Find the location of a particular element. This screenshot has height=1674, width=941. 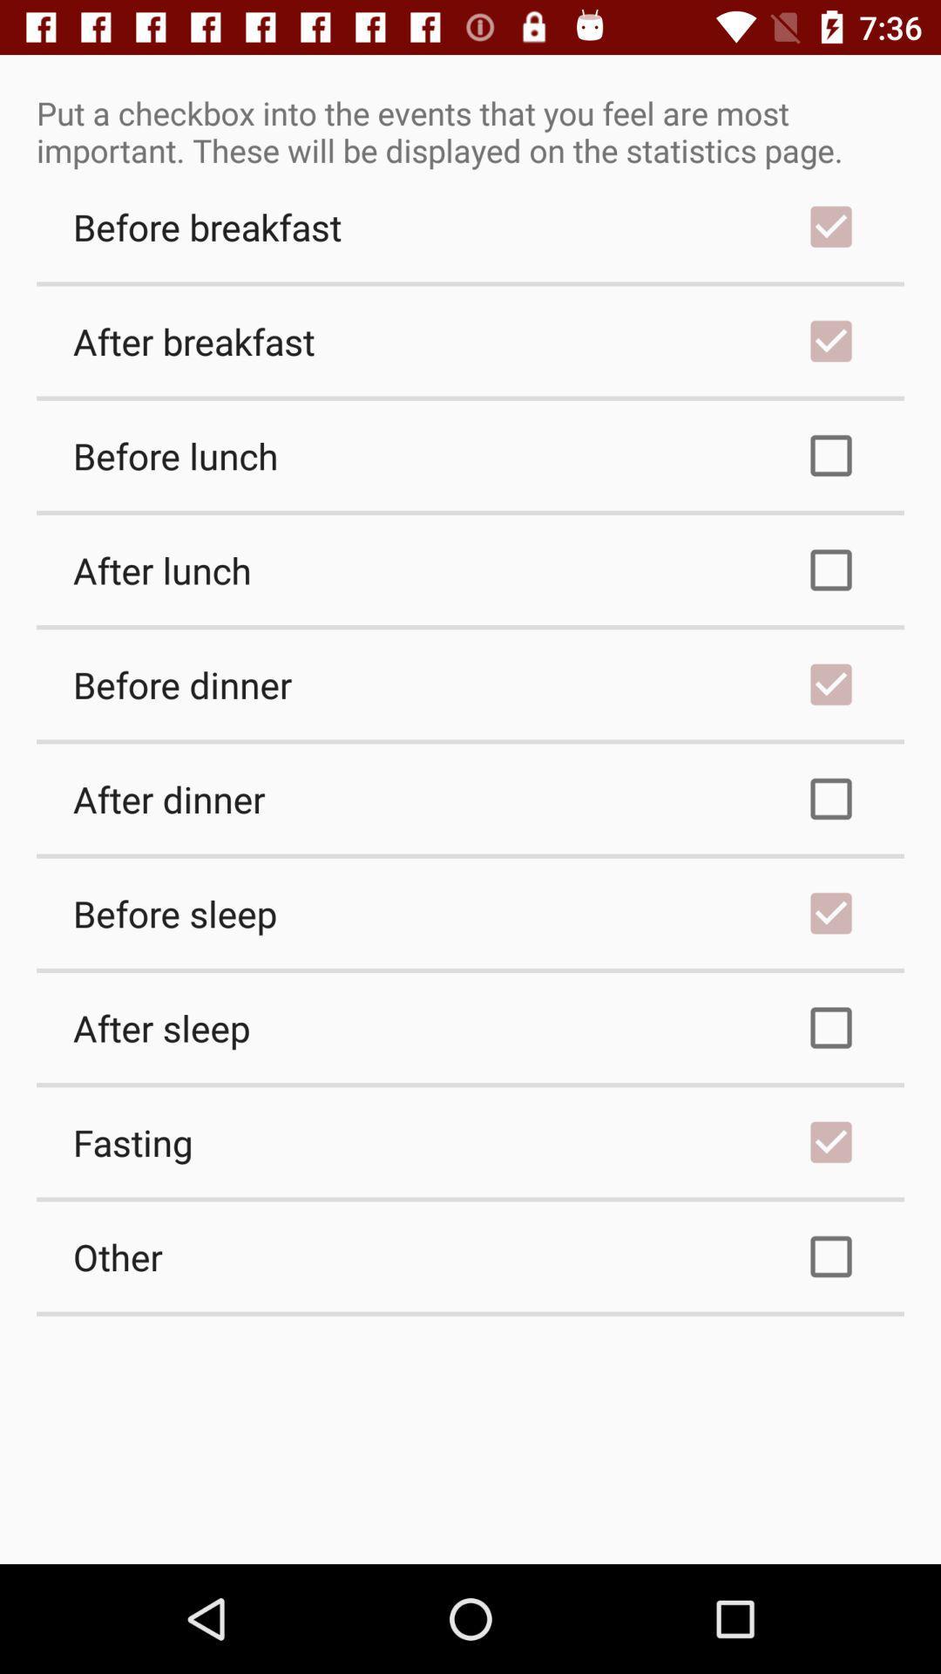

the after lunch item is located at coordinates (470, 569).